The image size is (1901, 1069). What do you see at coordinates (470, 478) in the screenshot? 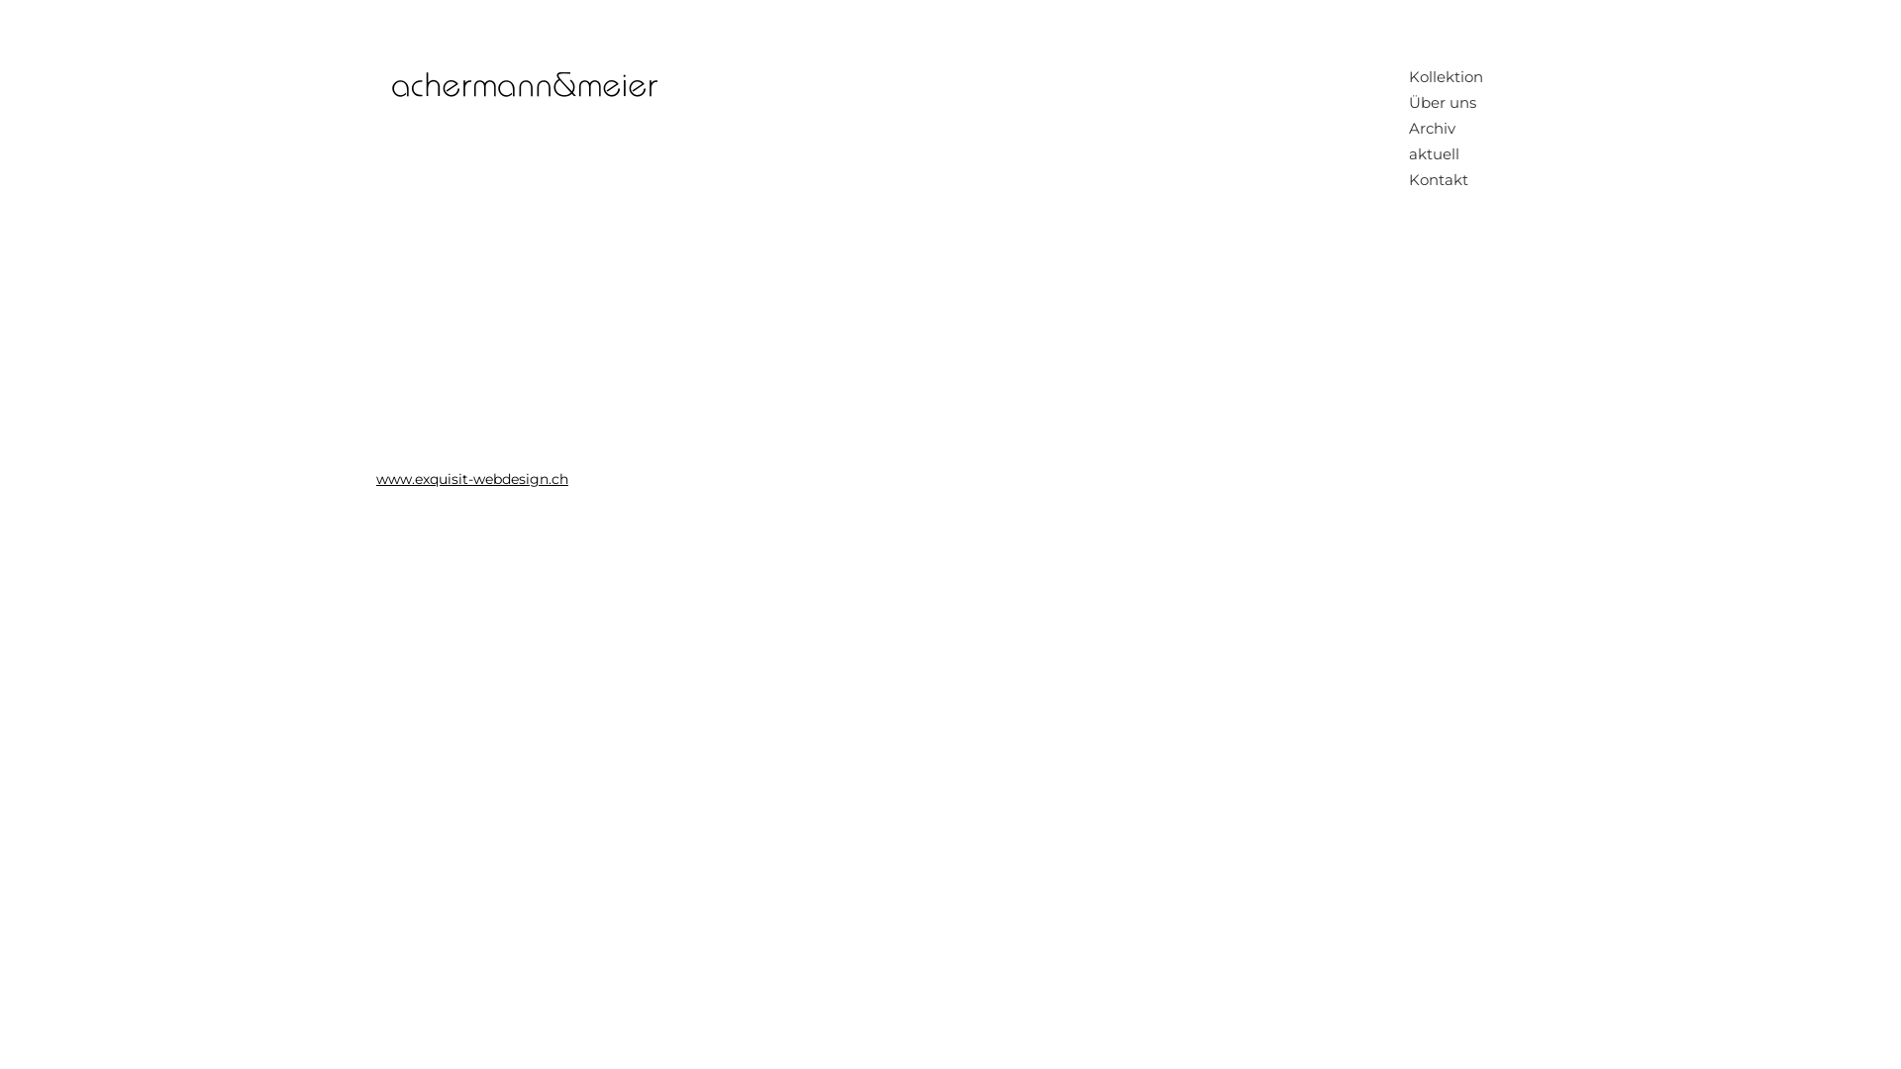
I see `'www.exquisit-webdesign.ch'` at bounding box center [470, 478].